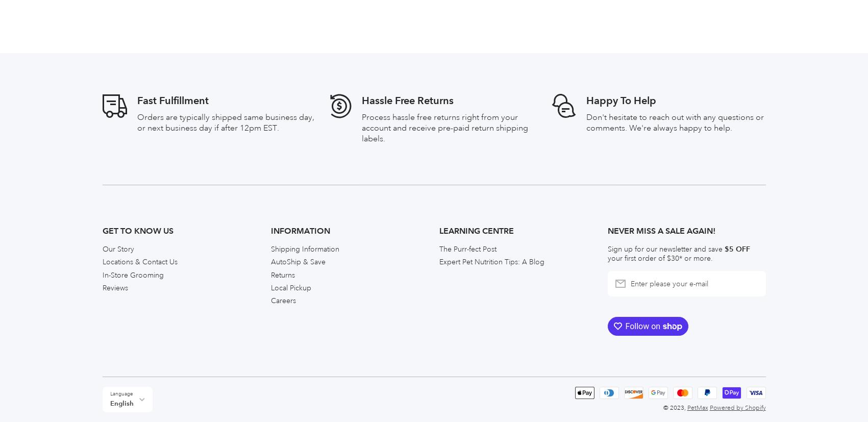  What do you see at coordinates (139, 32) in the screenshot?
I see `'Locations & Contact Us'` at bounding box center [139, 32].